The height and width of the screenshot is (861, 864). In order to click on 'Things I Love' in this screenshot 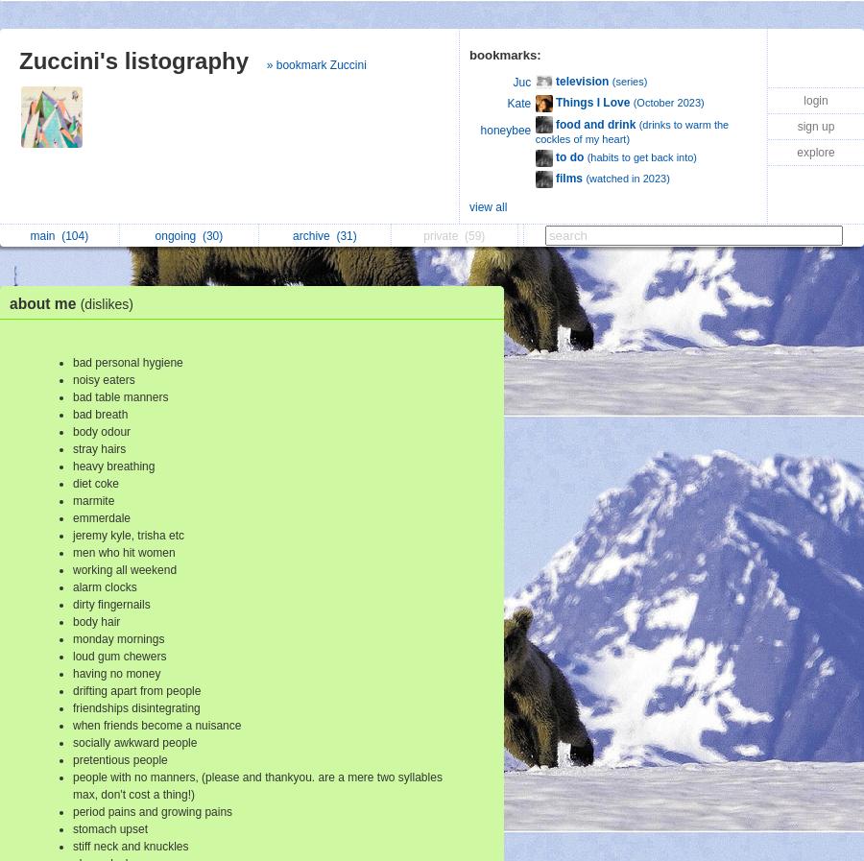, I will do `click(592, 102)`.